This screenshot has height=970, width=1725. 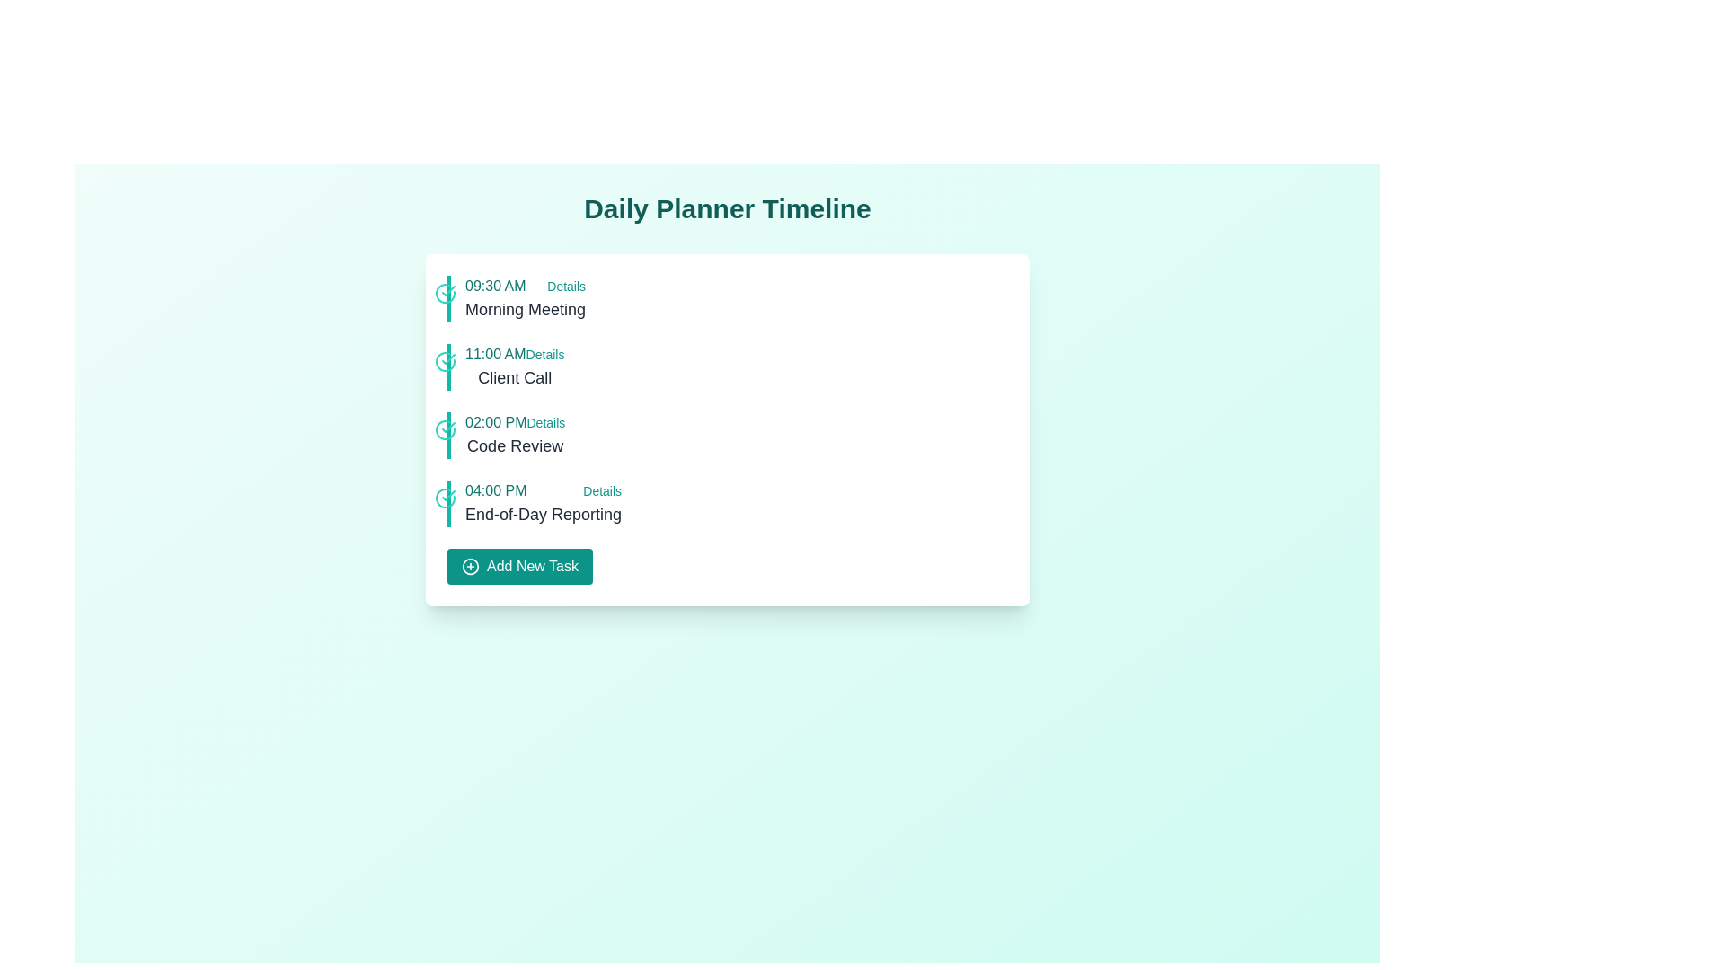 What do you see at coordinates (525, 297) in the screenshot?
I see `the 'Morning Meeting' entry in the daily planner timeline` at bounding box center [525, 297].